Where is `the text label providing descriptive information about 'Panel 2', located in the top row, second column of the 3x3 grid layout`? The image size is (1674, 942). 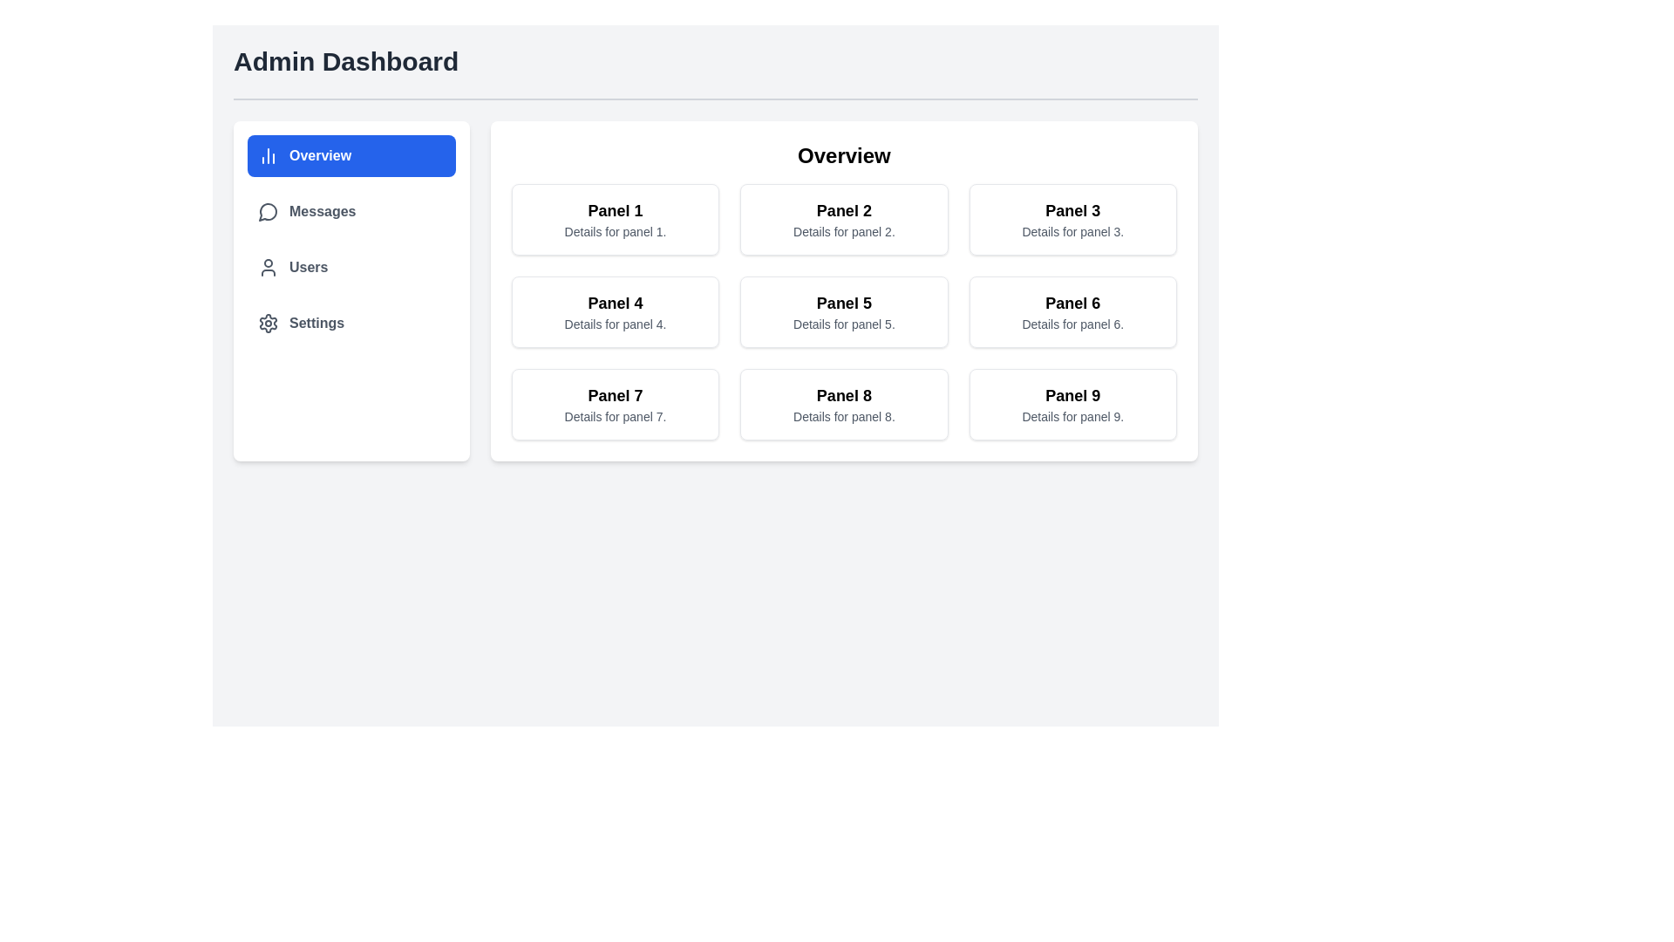 the text label providing descriptive information about 'Panel 2', located in the top row, second column of the 3x3 grid layout is located at coordinates (844, 231).